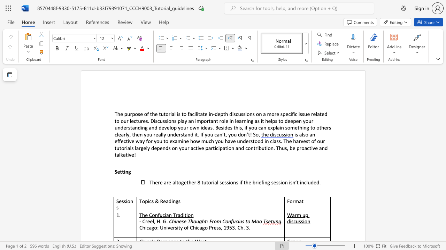 This screenshot has width=446, height=250. I want to click on the subset text "la" within the text "in-depth discussions on a more specific issue related to our lectures. Discussions play", so click(180, 120).